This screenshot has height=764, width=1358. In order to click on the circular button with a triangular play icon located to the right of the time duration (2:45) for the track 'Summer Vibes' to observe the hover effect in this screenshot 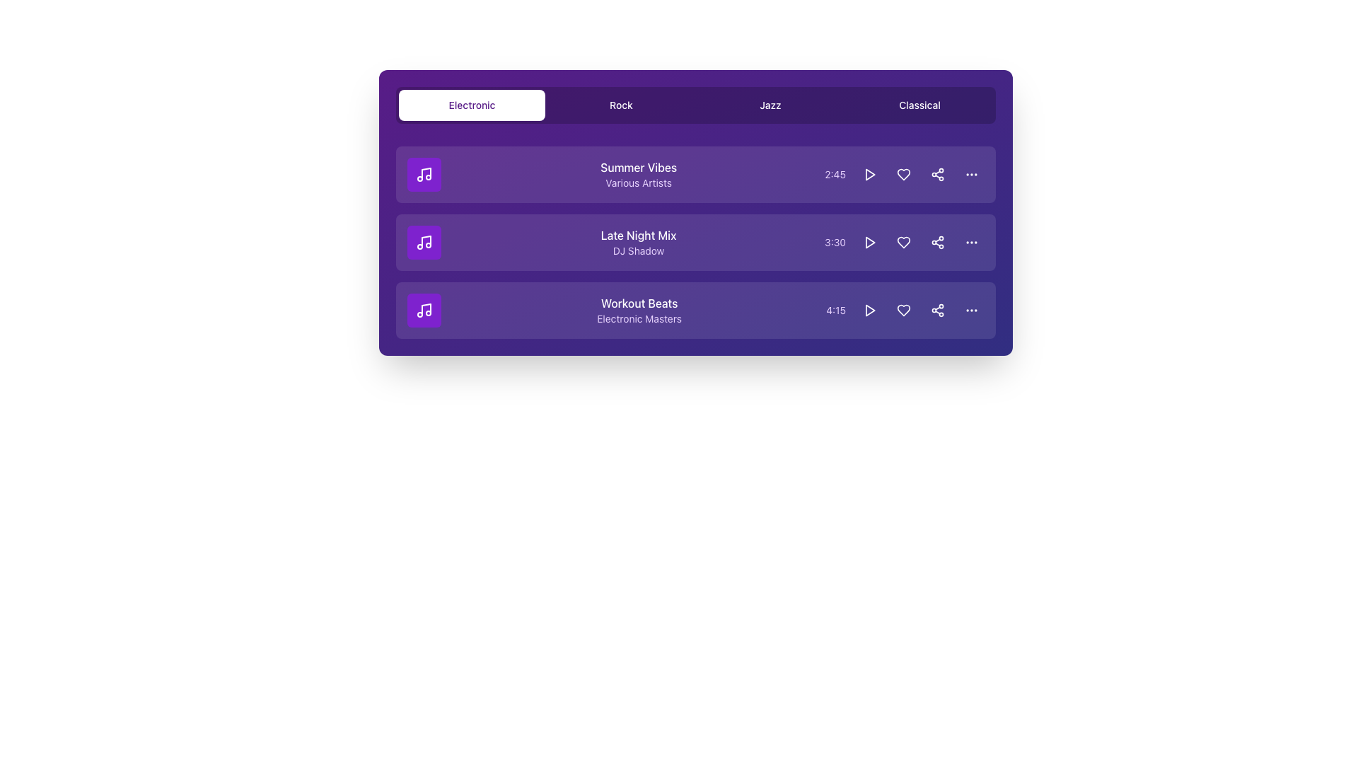, I will do `click(869, 173)`.